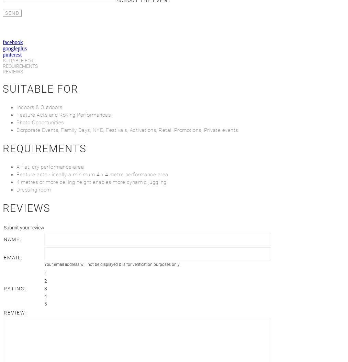 This screenshot has height=362, width=348. I want to click on 'Photo Opportunities', so click(40, 122).